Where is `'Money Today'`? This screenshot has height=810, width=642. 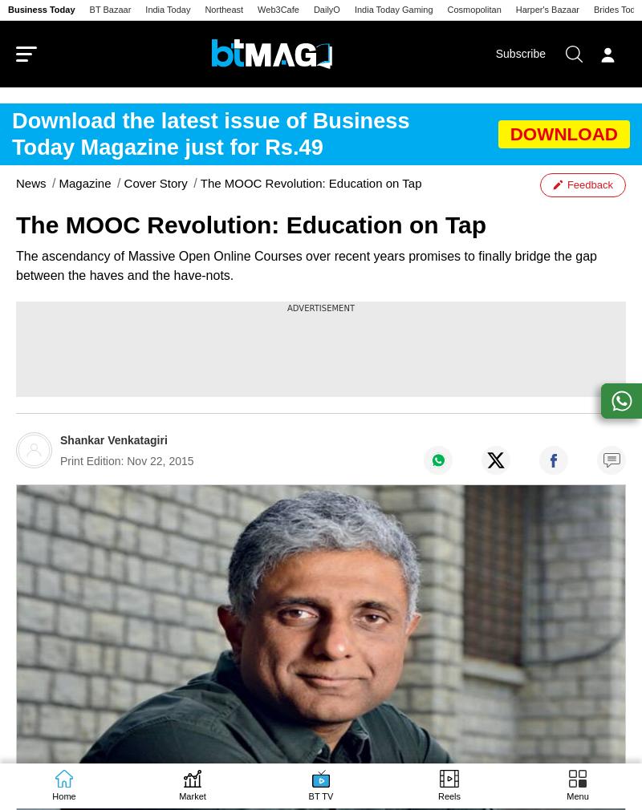 'Money Today' is located at coordinates (356, 581).